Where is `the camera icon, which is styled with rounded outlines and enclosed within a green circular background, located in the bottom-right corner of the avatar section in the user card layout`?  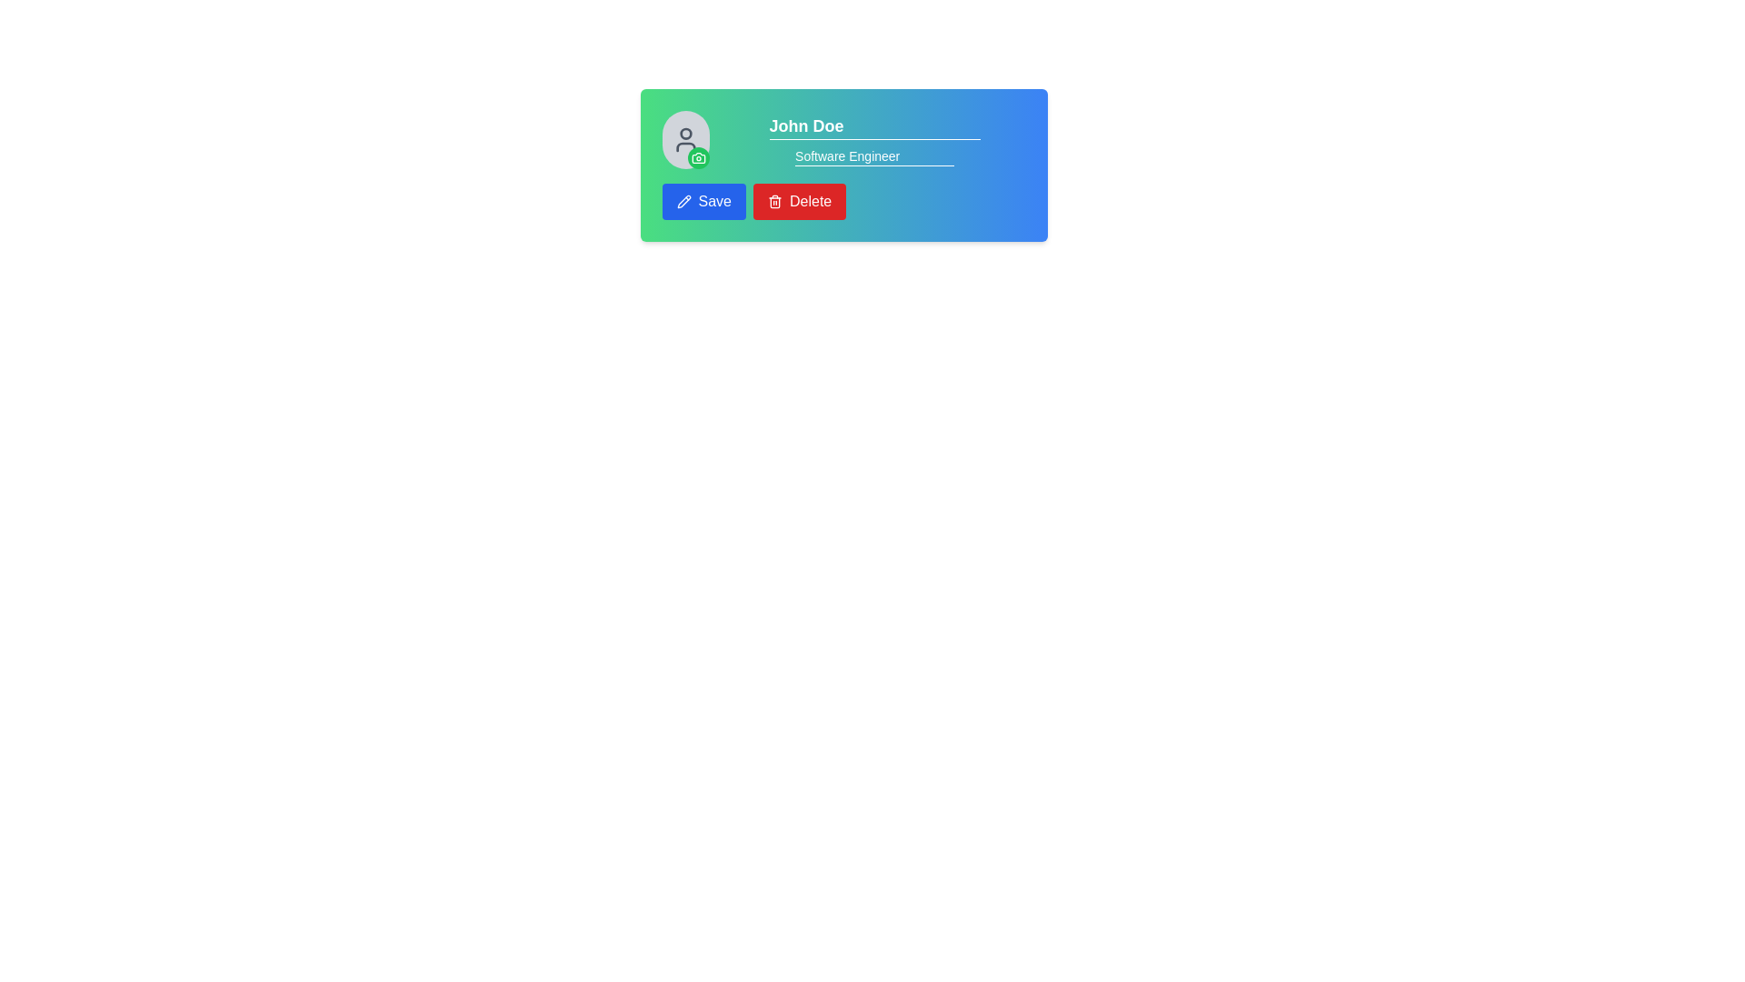
the camera icon, which is styled with rounded outlines and enclosed within a green circular background, located in the bottom-right corner of the avatar section in the user card layout is located at coordinates (697, 156).